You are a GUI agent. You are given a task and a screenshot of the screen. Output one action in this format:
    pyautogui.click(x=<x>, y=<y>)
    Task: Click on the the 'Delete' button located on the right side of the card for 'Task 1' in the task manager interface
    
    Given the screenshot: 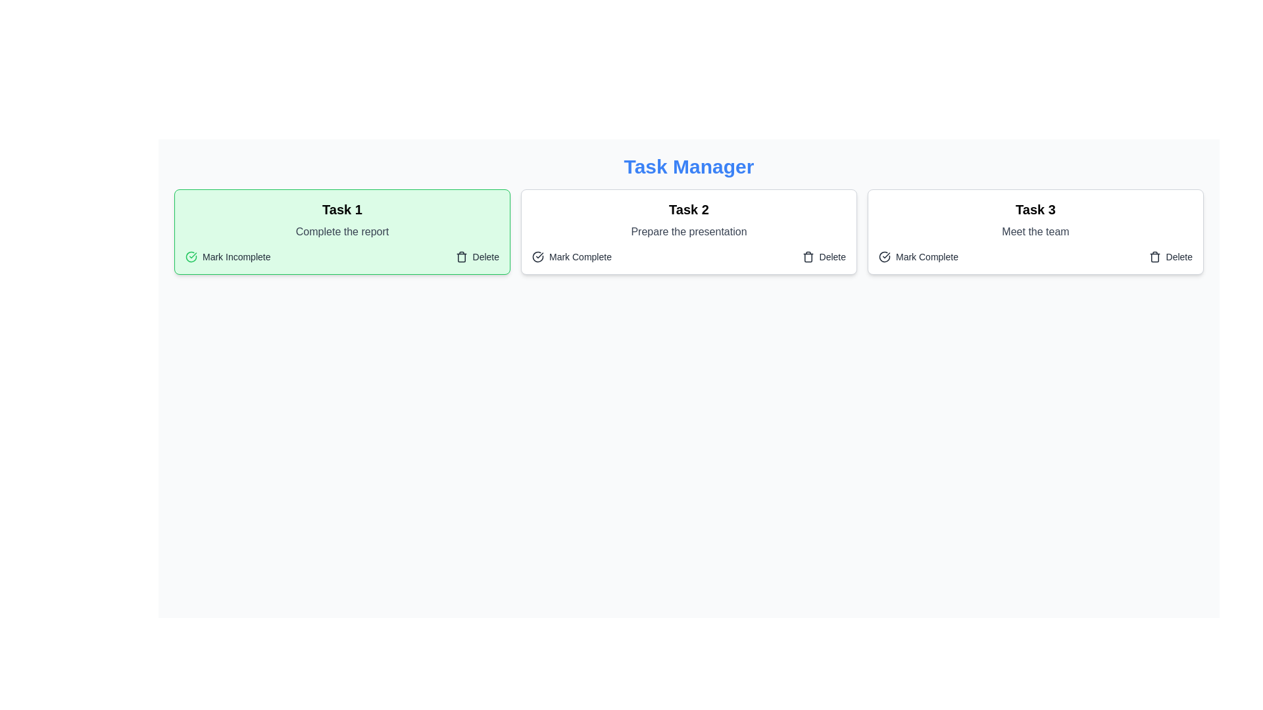 What is the action you would take?
    pyautogui.click(x=476, y=256)
    